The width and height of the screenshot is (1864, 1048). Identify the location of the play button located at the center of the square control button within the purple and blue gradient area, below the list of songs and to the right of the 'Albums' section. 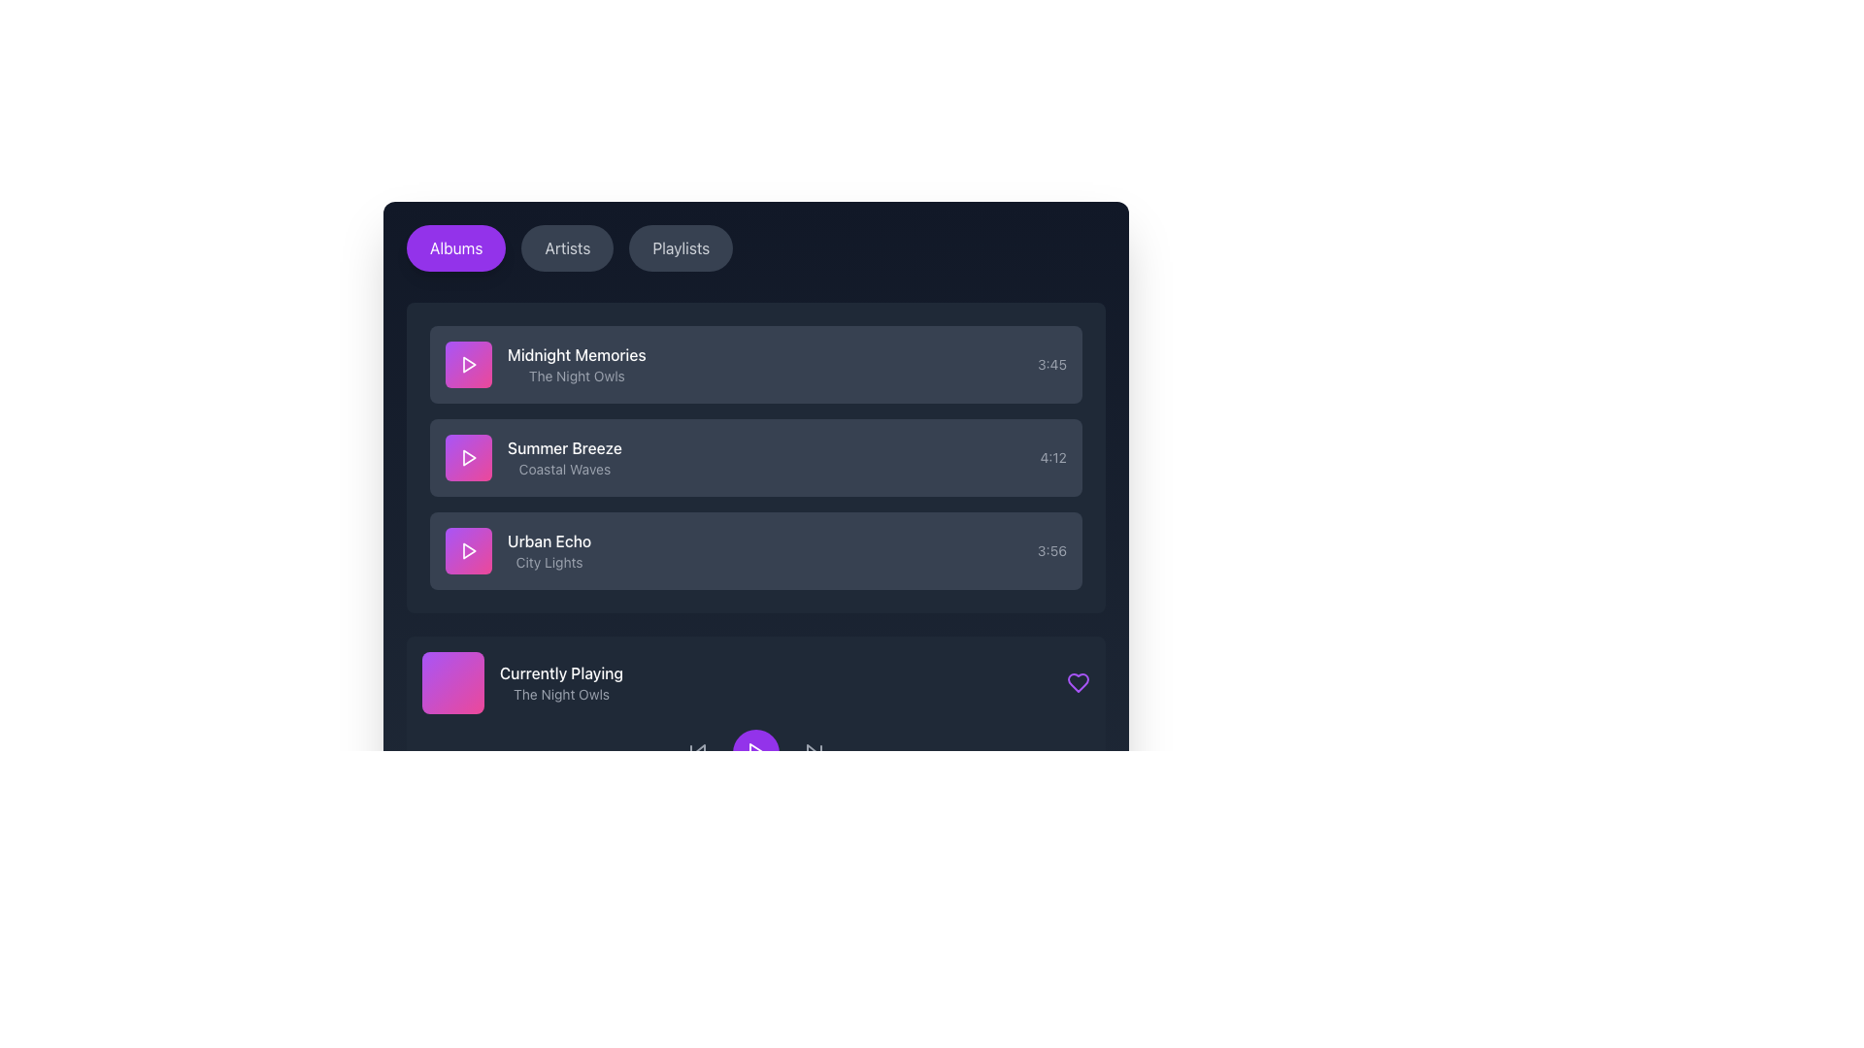
(469, 457).